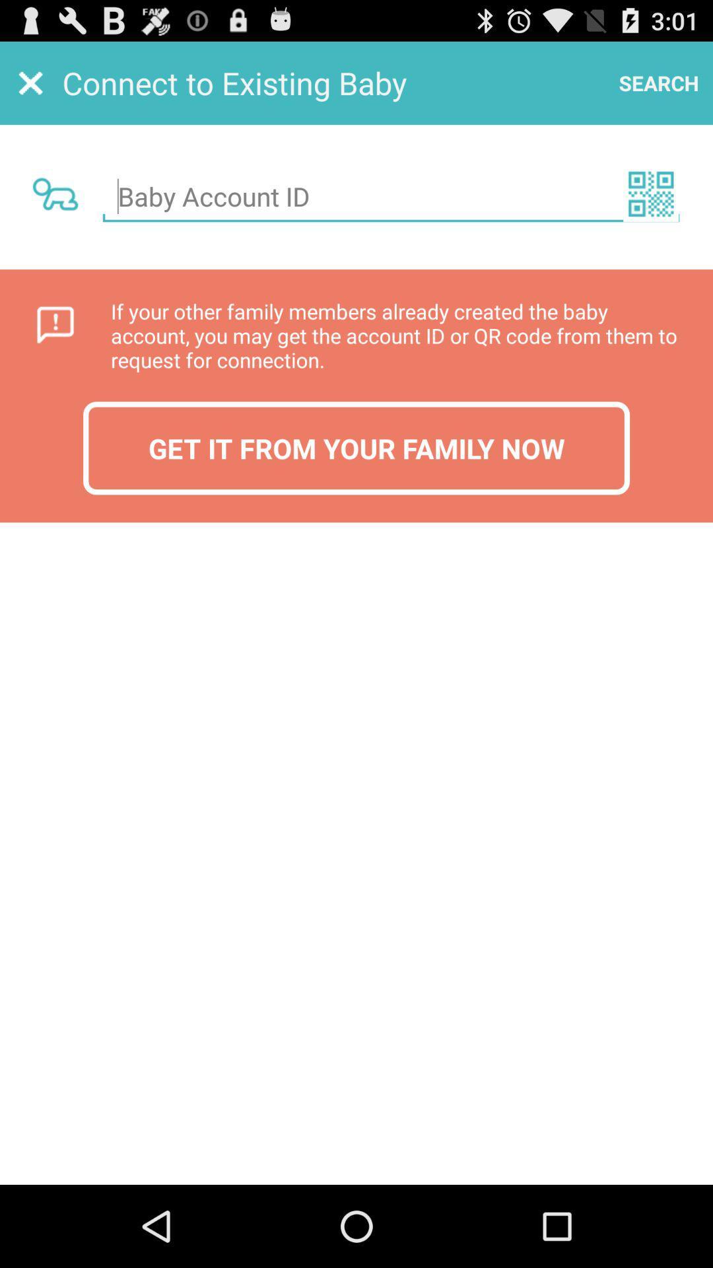 This screenshot has height=1268, width=713. I want to click on the search, so click(659, 82).